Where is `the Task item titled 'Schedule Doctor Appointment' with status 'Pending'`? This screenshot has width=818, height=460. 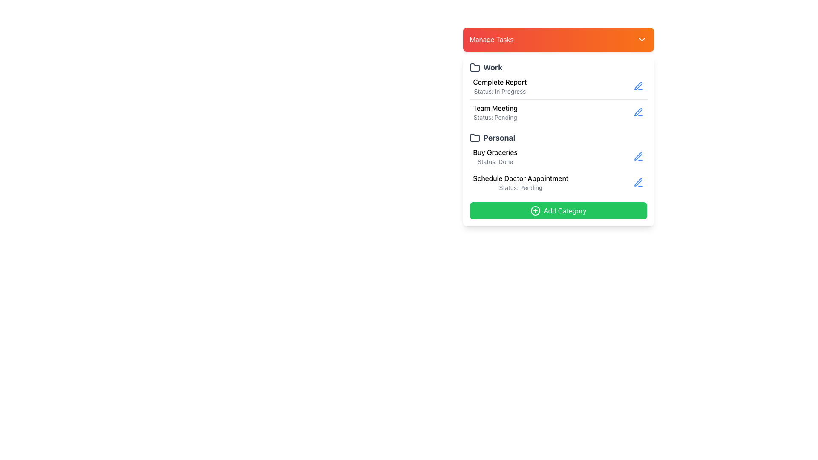 the Task item titled 'Schedule Doctor Appointment' with status 'Pending' is located at coordinates (558, 182).